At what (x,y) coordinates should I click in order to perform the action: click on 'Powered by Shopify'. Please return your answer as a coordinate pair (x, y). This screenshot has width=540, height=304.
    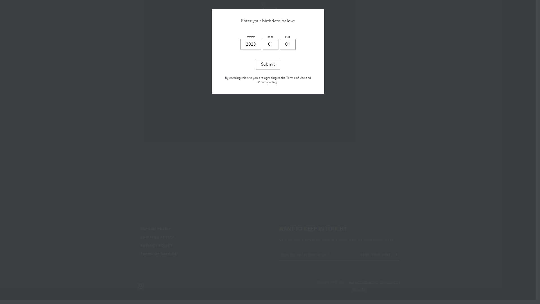
    Looking at the image, I should click on (376, 285).